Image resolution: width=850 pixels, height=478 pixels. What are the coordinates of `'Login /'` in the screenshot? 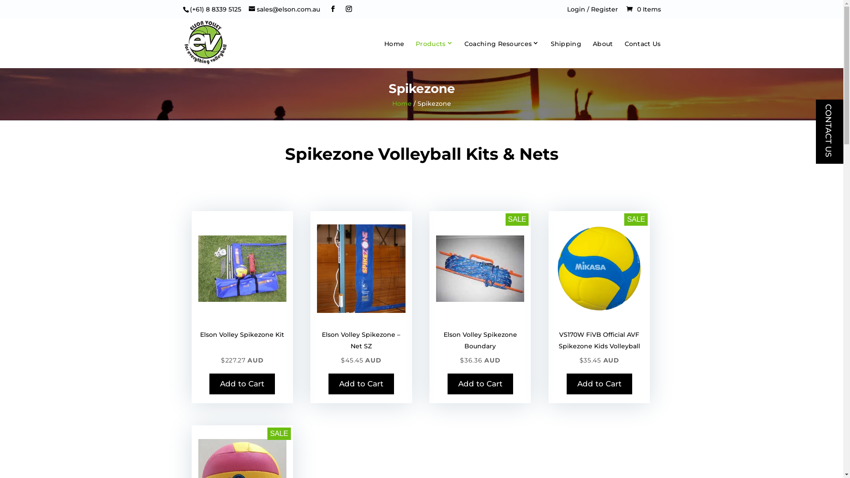 It's located at (578, 9).